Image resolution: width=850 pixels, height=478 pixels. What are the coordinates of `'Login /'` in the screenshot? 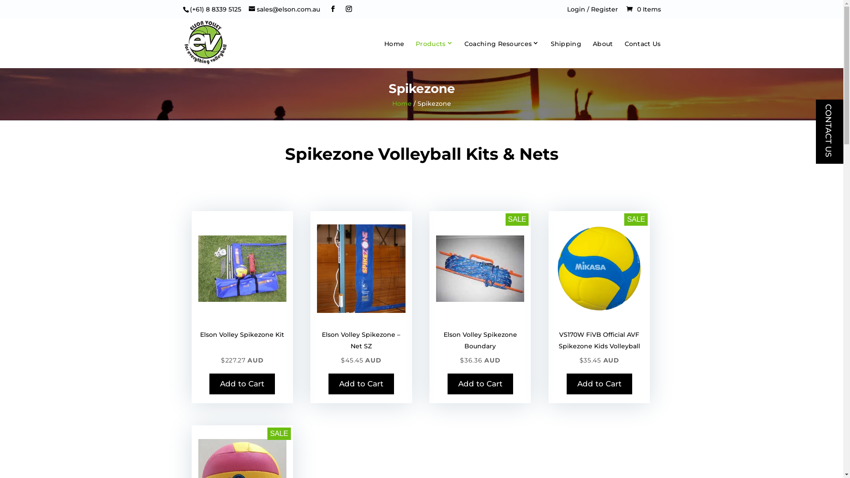 It's located at (578, 9).